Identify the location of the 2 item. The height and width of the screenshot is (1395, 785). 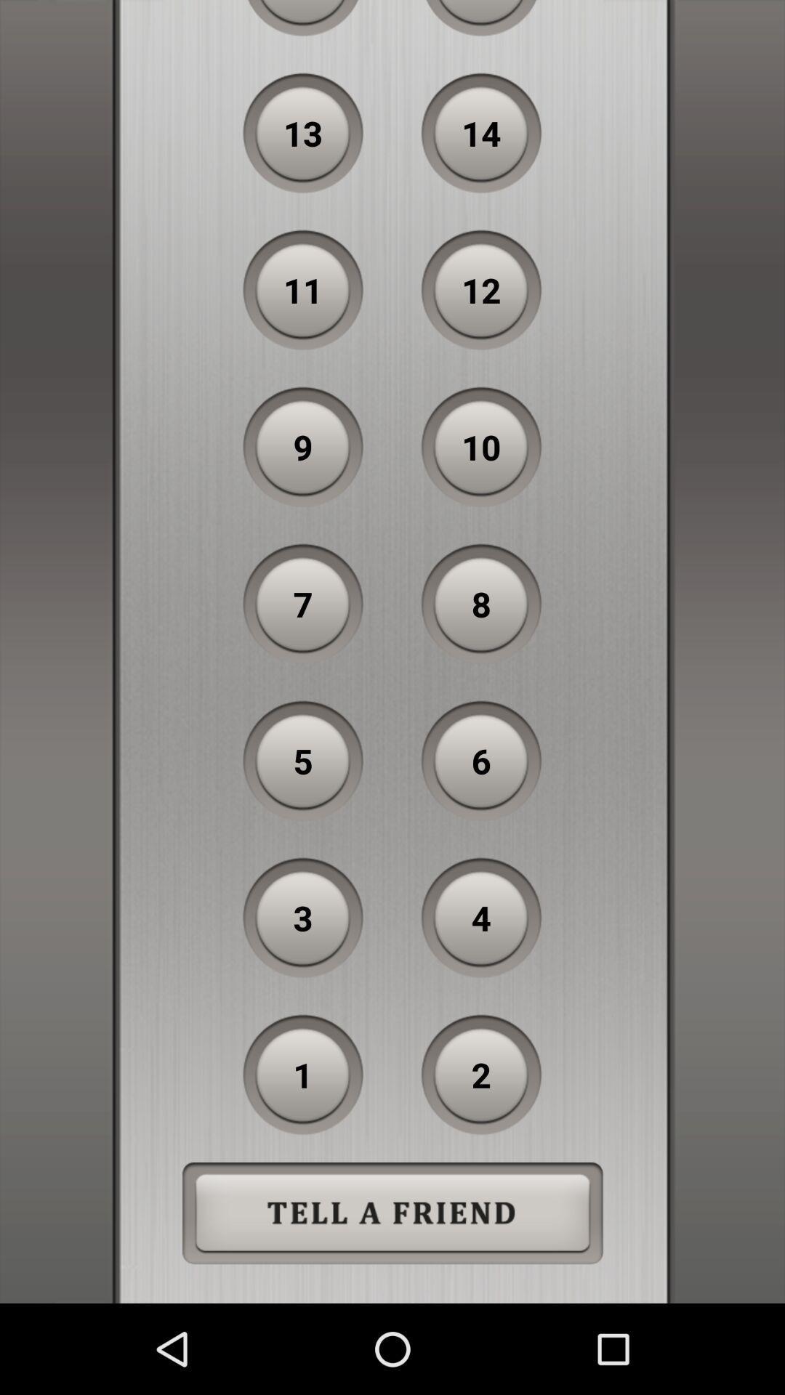
(481, 1075).